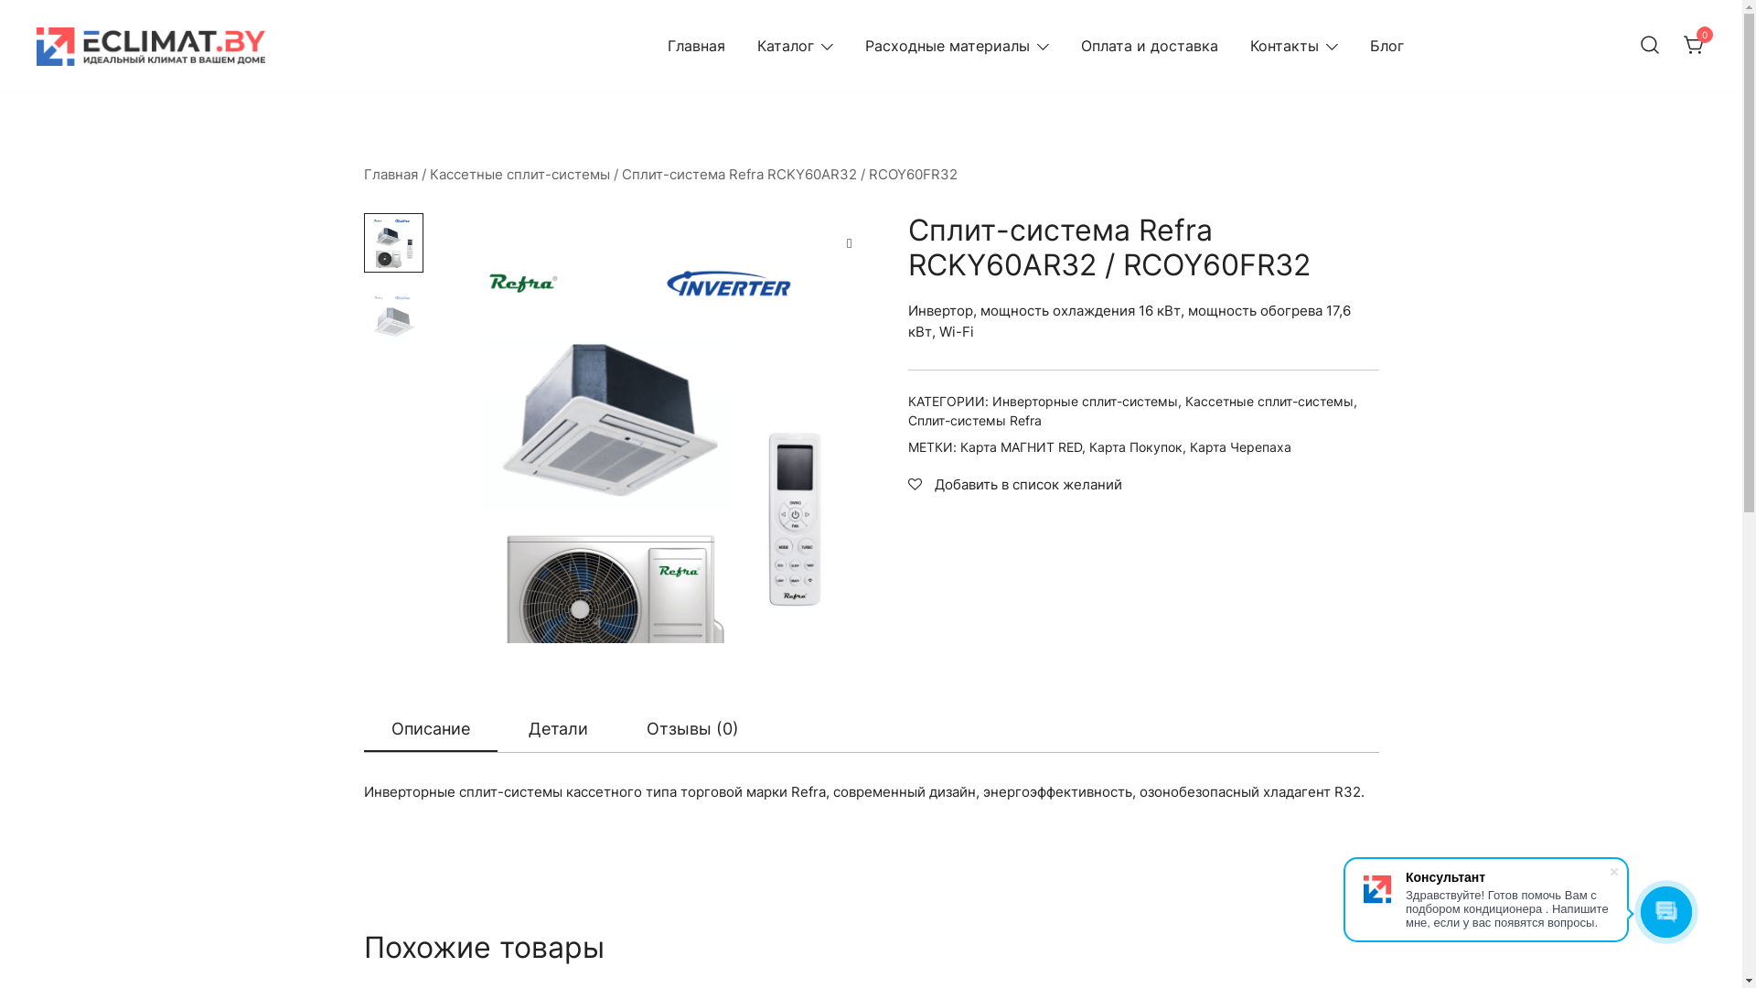 This screenshot has height=988, width=1756. I want to click on '0', so click(1683, 43).